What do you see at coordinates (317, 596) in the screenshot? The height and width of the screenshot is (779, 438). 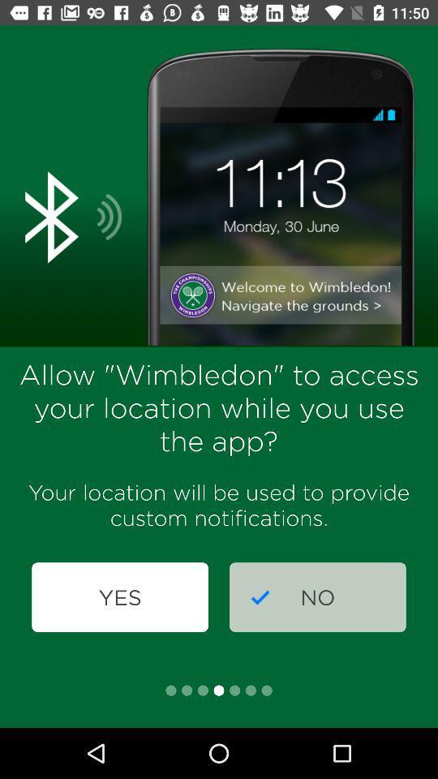 I see `icon next to yes` at bounding box center [317, 596].